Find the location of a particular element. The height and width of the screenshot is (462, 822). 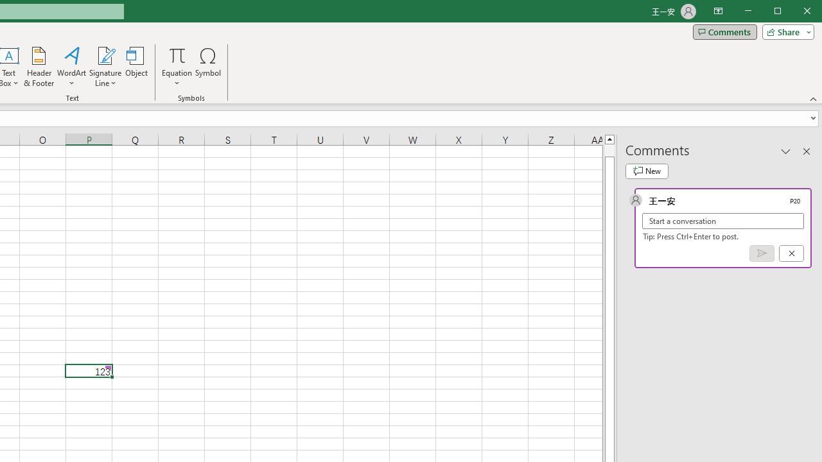

'Header & Footer...' is located at coordinates (39, 67).